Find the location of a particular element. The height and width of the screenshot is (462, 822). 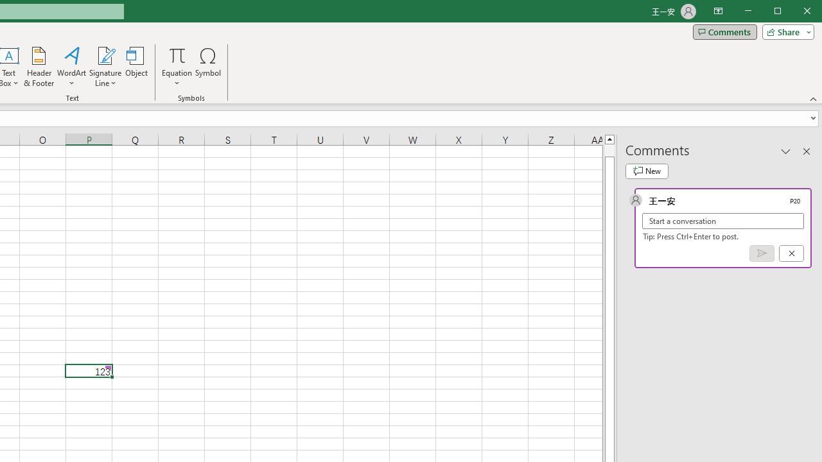

'Header & Footer...' is located at coordinates (39, 67).